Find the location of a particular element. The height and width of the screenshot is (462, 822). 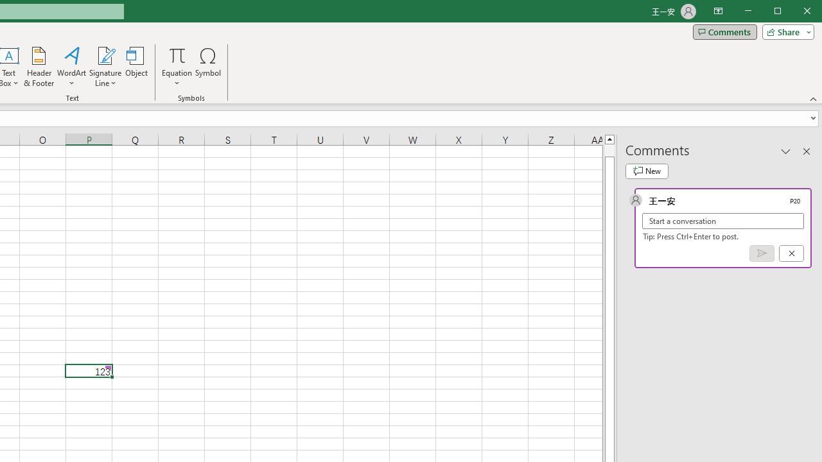

'Header & Footer...' is located at coordinates (39, 67).